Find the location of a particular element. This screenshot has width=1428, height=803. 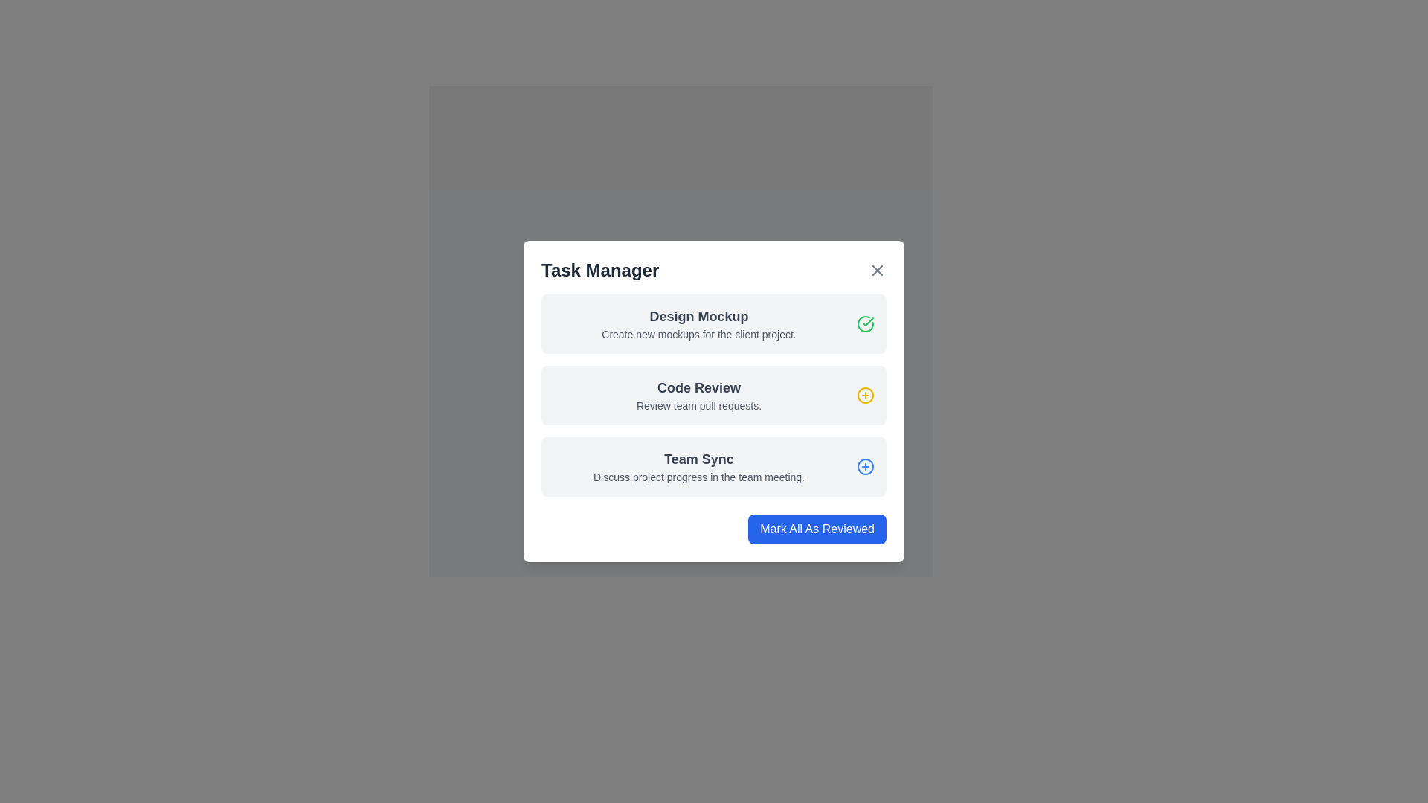

the second task card in the task manager modal that displays information about the task 'Code Review' to interact with it is located at coordinates (714, 395).